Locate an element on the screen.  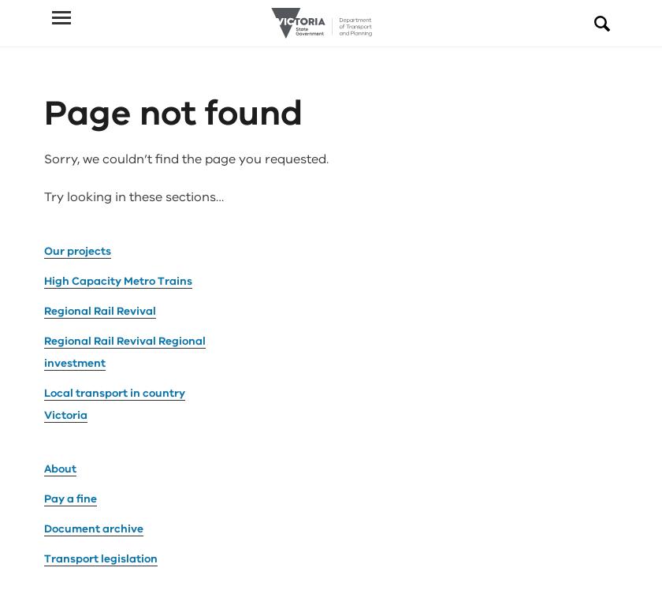
'Taxis, hire cars and ridesharing' is located at coordinates (44, 491).